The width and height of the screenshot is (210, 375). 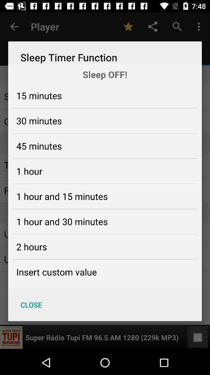 What do you see at coordinates (38, 145) in the screenshot?
I see `45 minutes` at bounding box center [38, 145].